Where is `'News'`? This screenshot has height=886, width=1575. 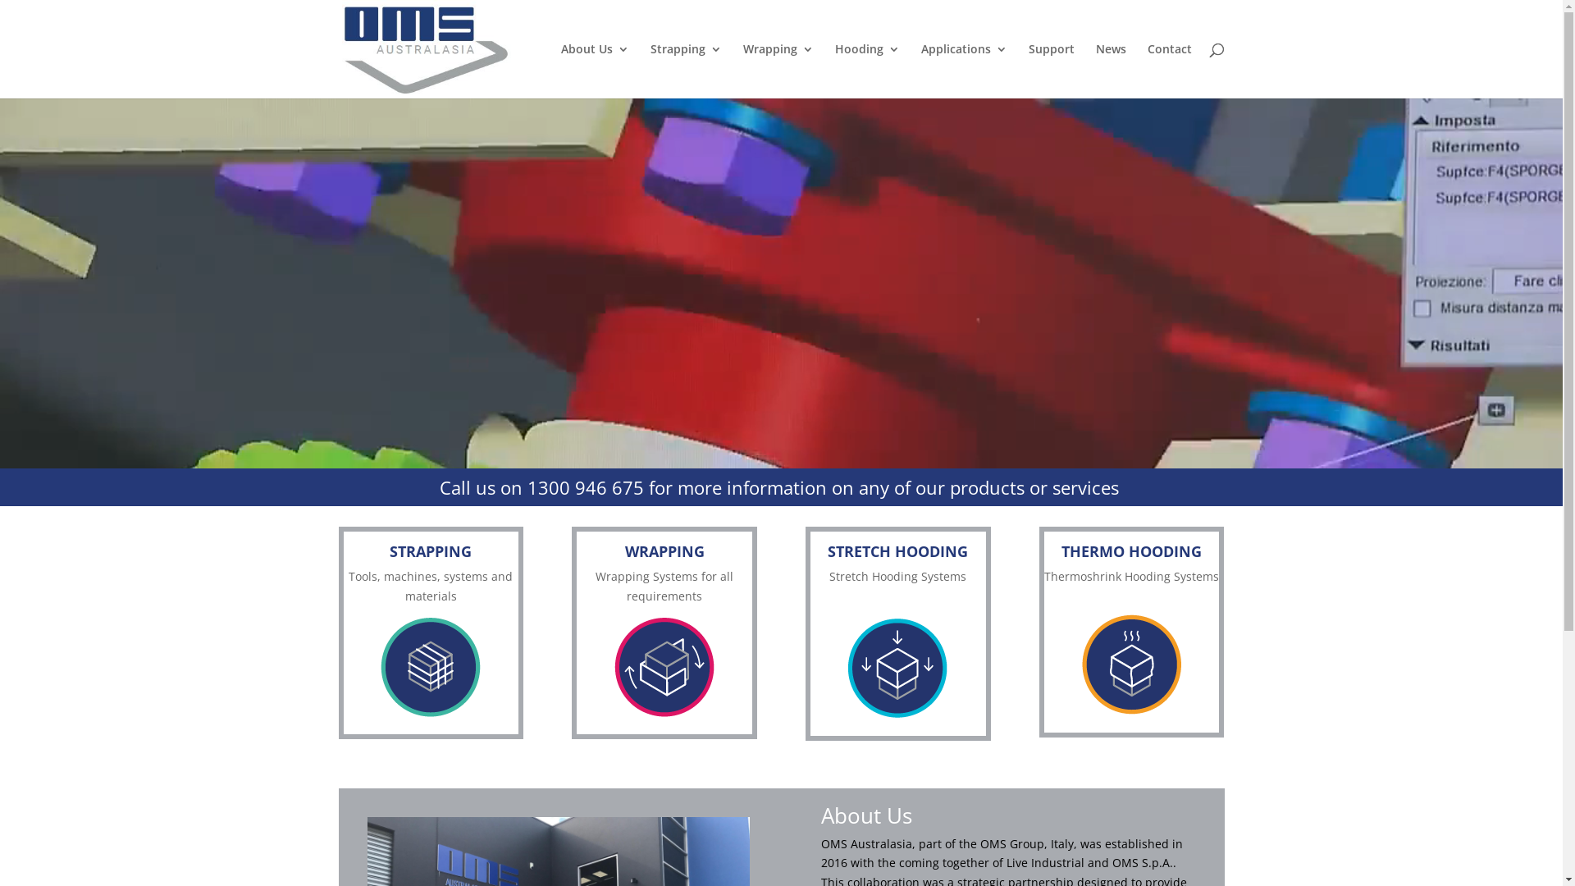
'News' is located at coordinates (1111, 70).